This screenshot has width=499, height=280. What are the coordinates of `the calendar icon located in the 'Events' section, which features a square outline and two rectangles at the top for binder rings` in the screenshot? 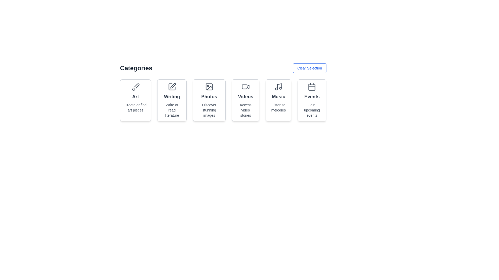 It's located at (312, 87).